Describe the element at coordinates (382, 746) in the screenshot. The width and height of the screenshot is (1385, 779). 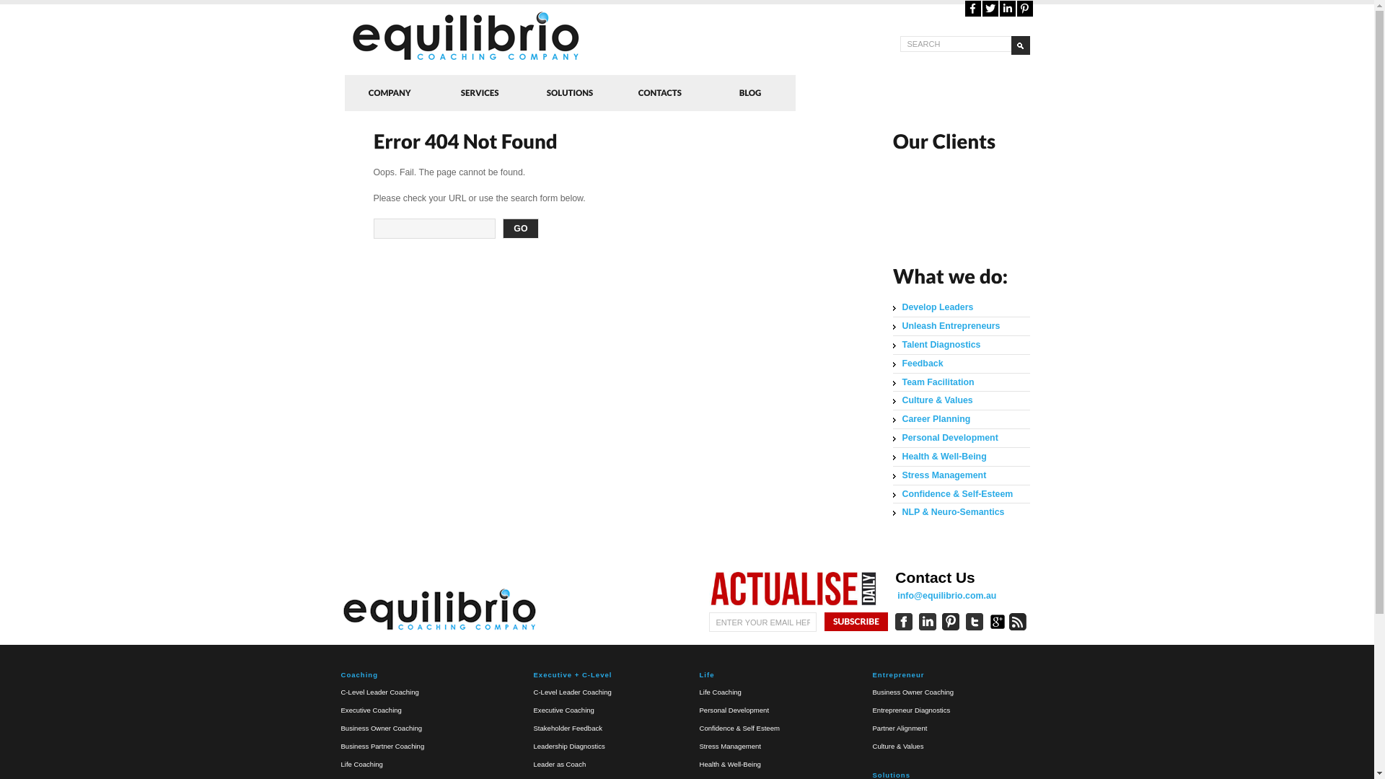
I see `'Business Partner Coaching'` at that location.